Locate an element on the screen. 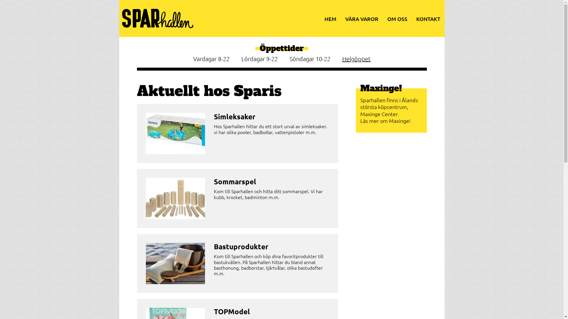  'OM OSS' is located at coordinates (397, 18).